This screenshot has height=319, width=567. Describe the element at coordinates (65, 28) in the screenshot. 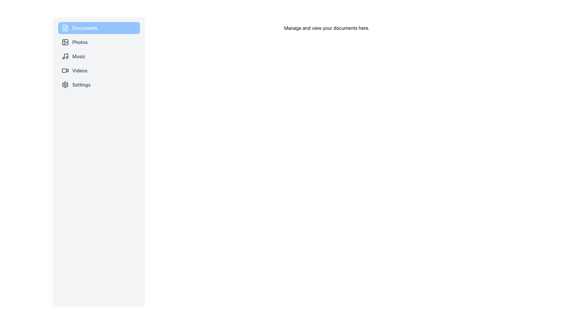

I see `document icon located at the top-left corner of the sidebar menu, which features a rectangular shape with a curved top-left corner and is positioned before the 'Documents' label` at that location.